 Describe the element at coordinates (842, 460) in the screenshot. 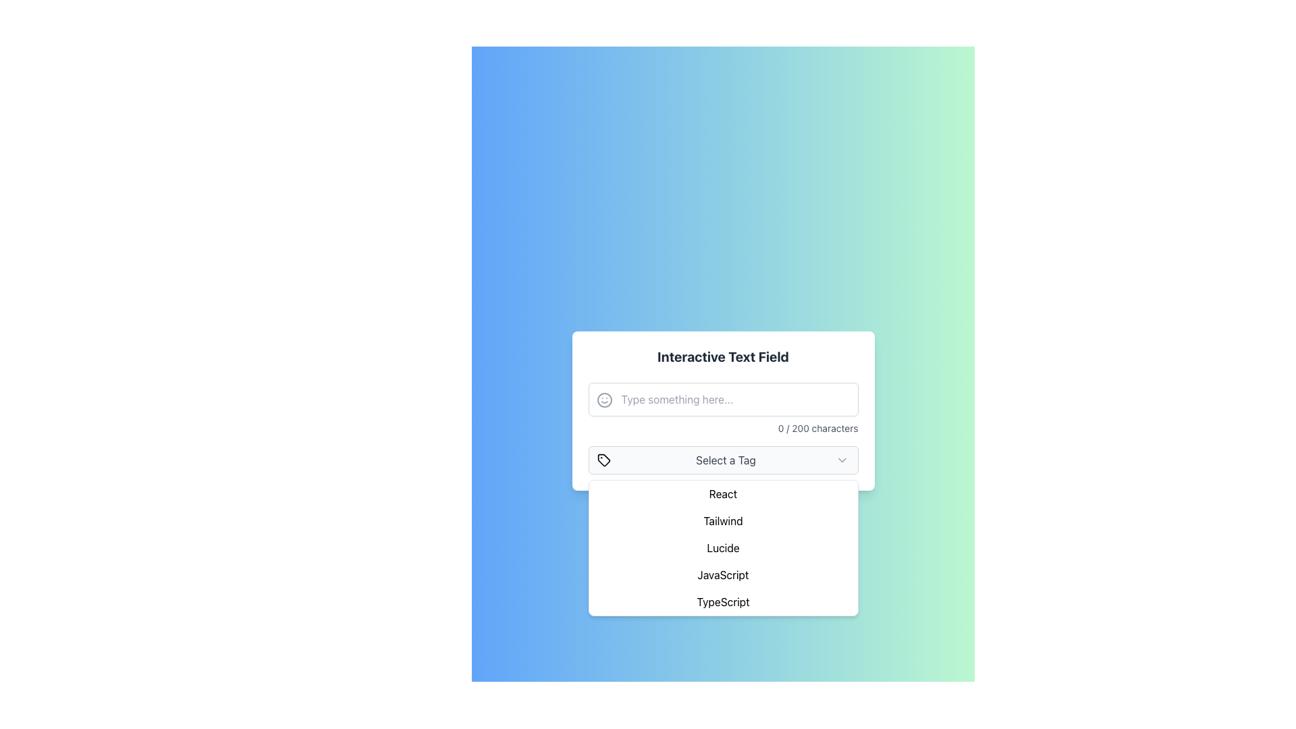

I see `the downward chevron icon at the far-right end of the 'Select a Tag' field` at that location.